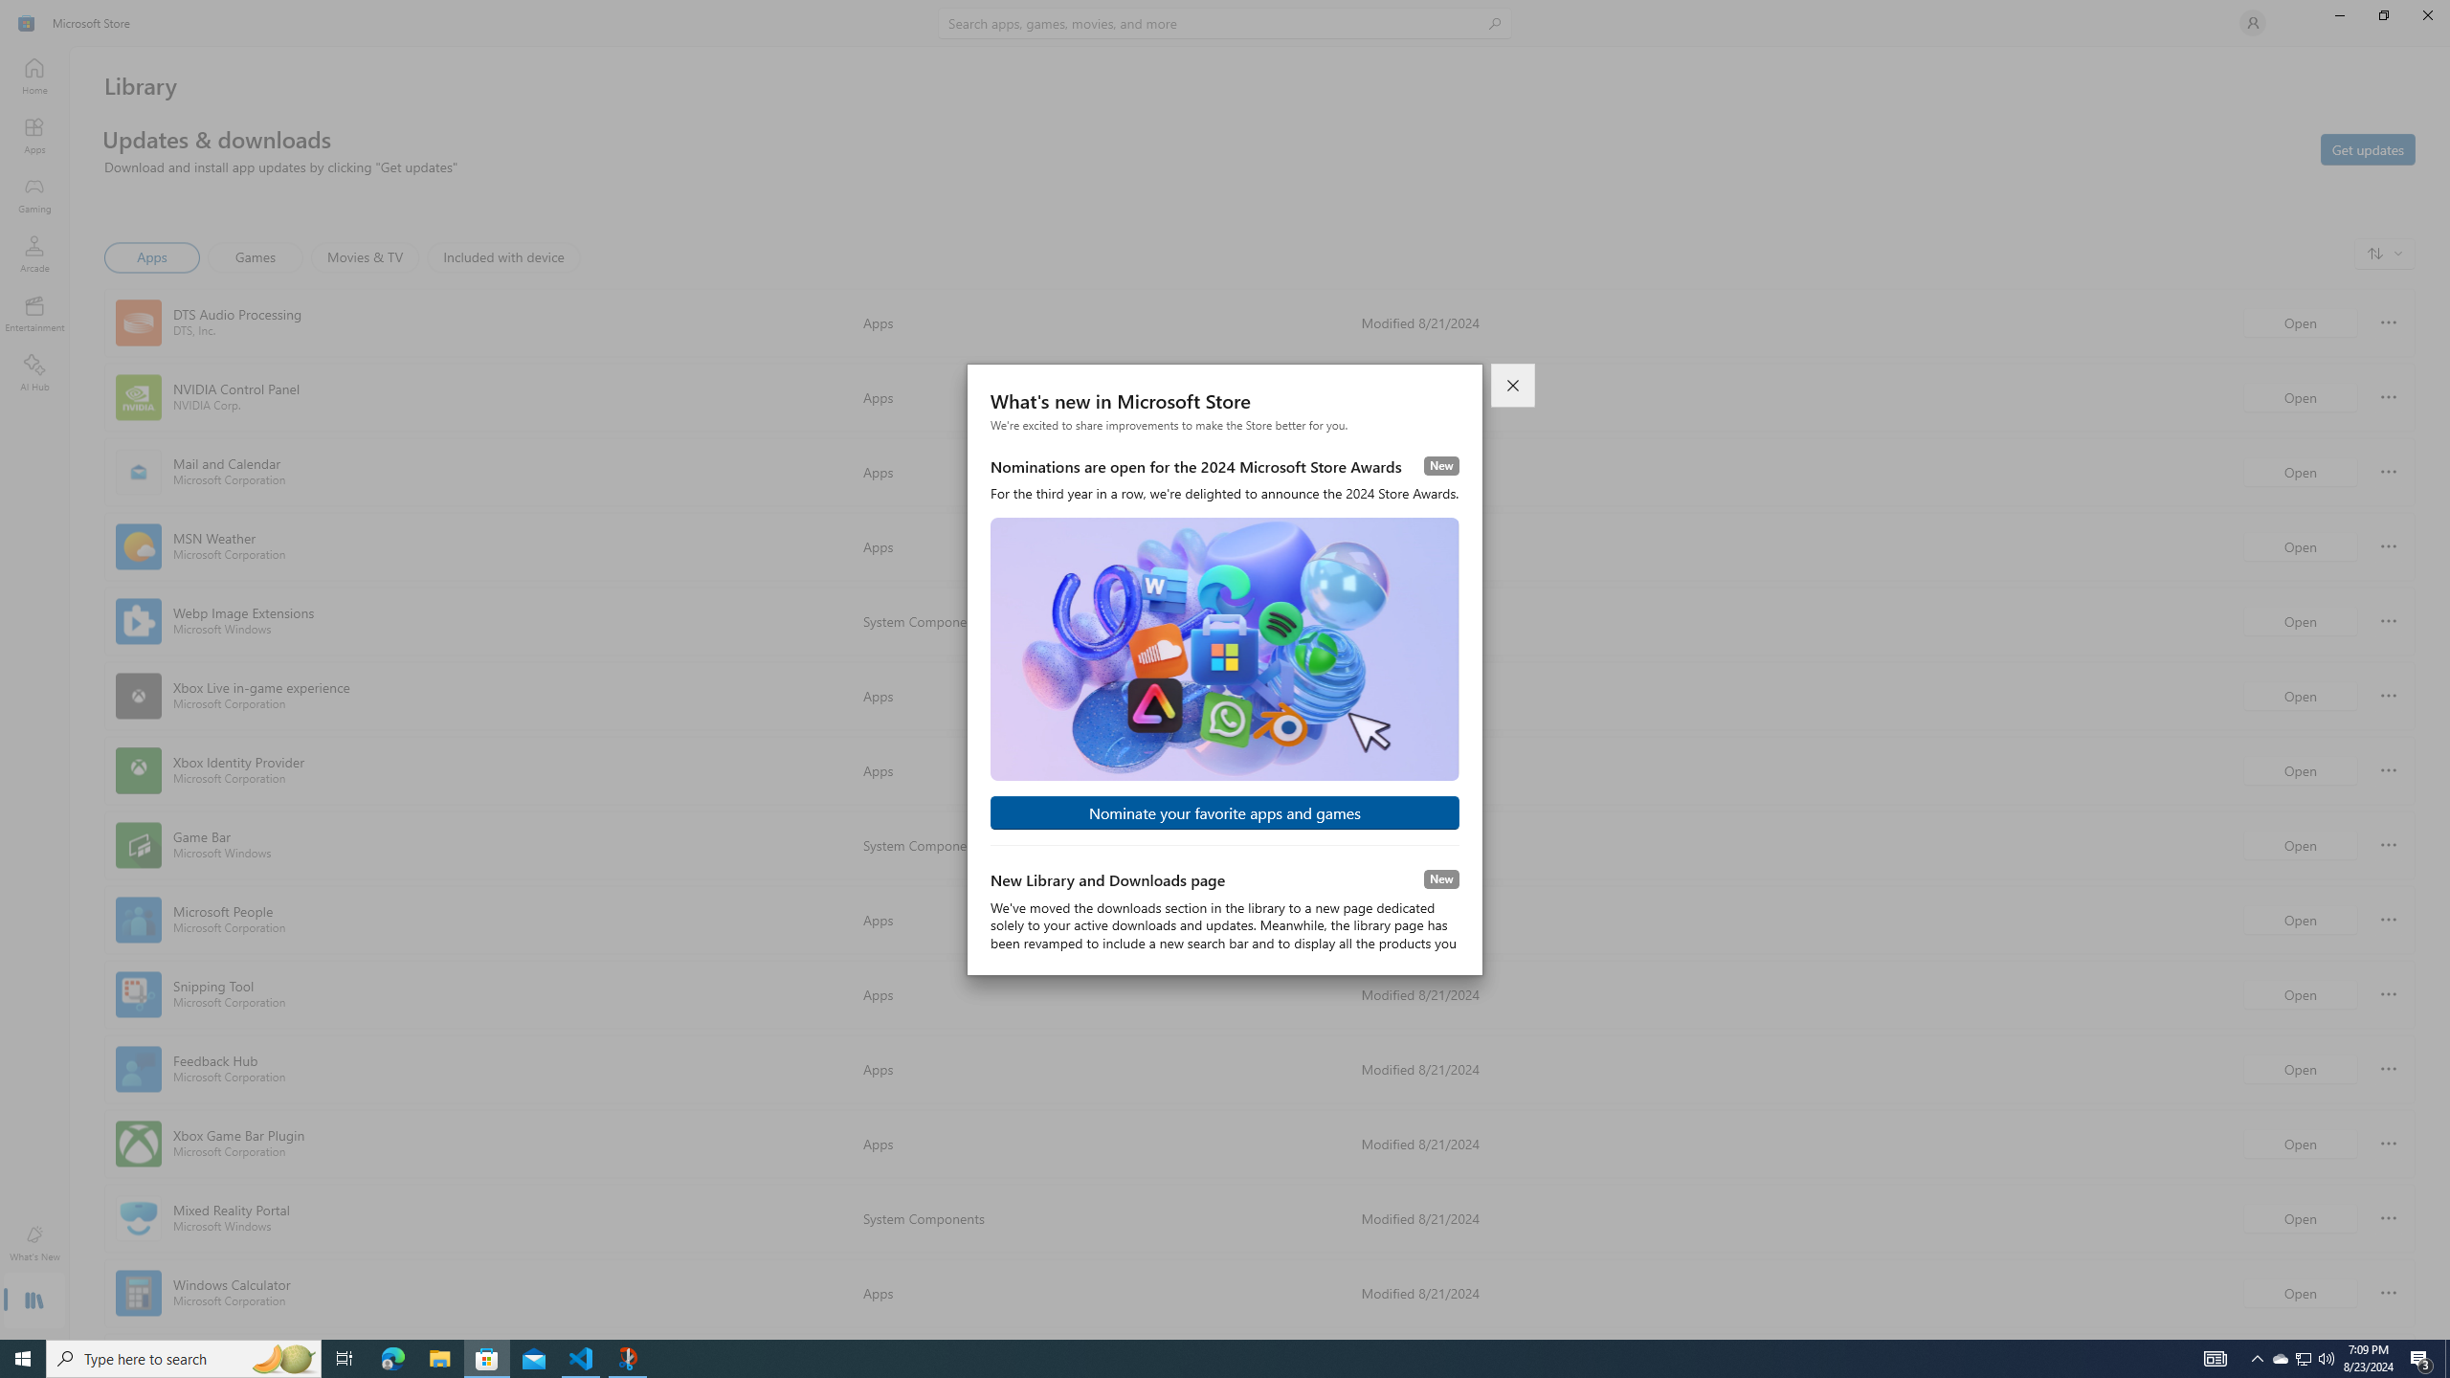 The width and height of the screenshot is (2450, 1378). Describe the element at coordinates (2338, 14) in the screenshot. I see `'Minimize Microsoft Store'` at that location.